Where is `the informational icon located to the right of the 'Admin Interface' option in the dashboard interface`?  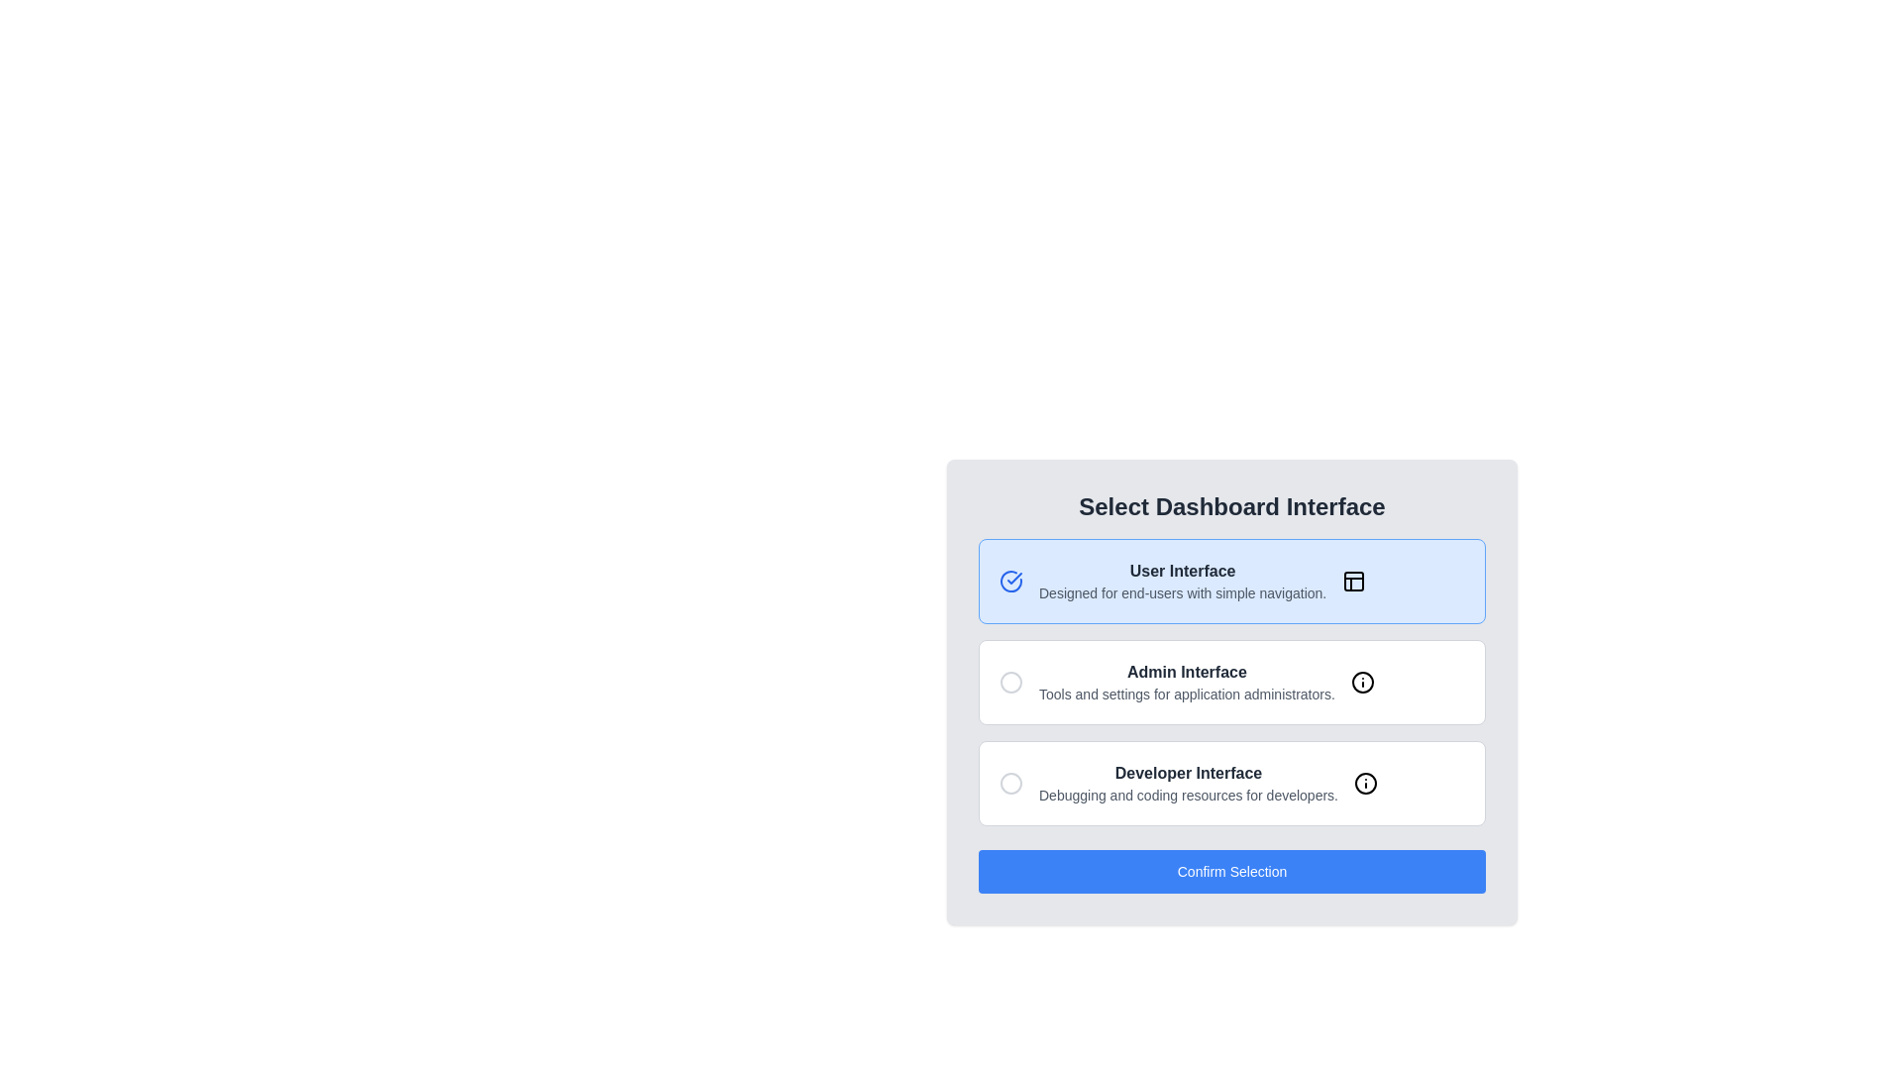 the informational icon located to the right of the 'Admin Interface' option in the dashboard interface is located at coordinates (1361, 682).